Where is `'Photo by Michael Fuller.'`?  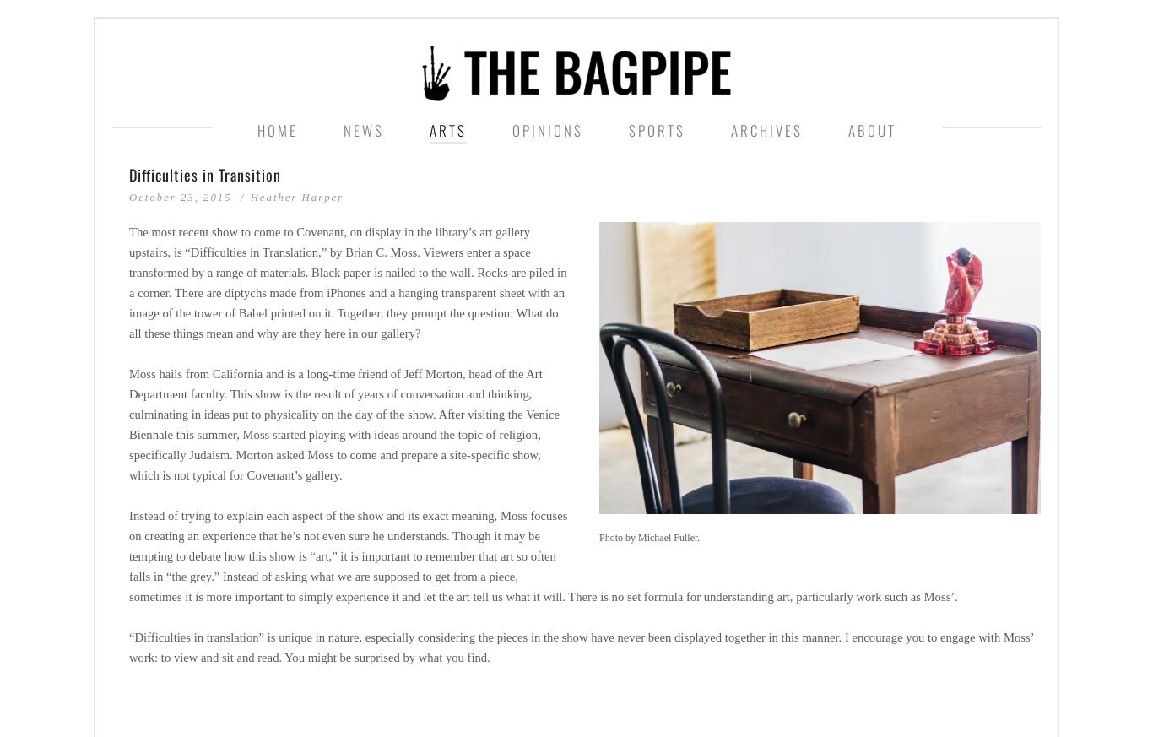
'Photo by Michael Fuller.' is located at coordinates (599, 538).